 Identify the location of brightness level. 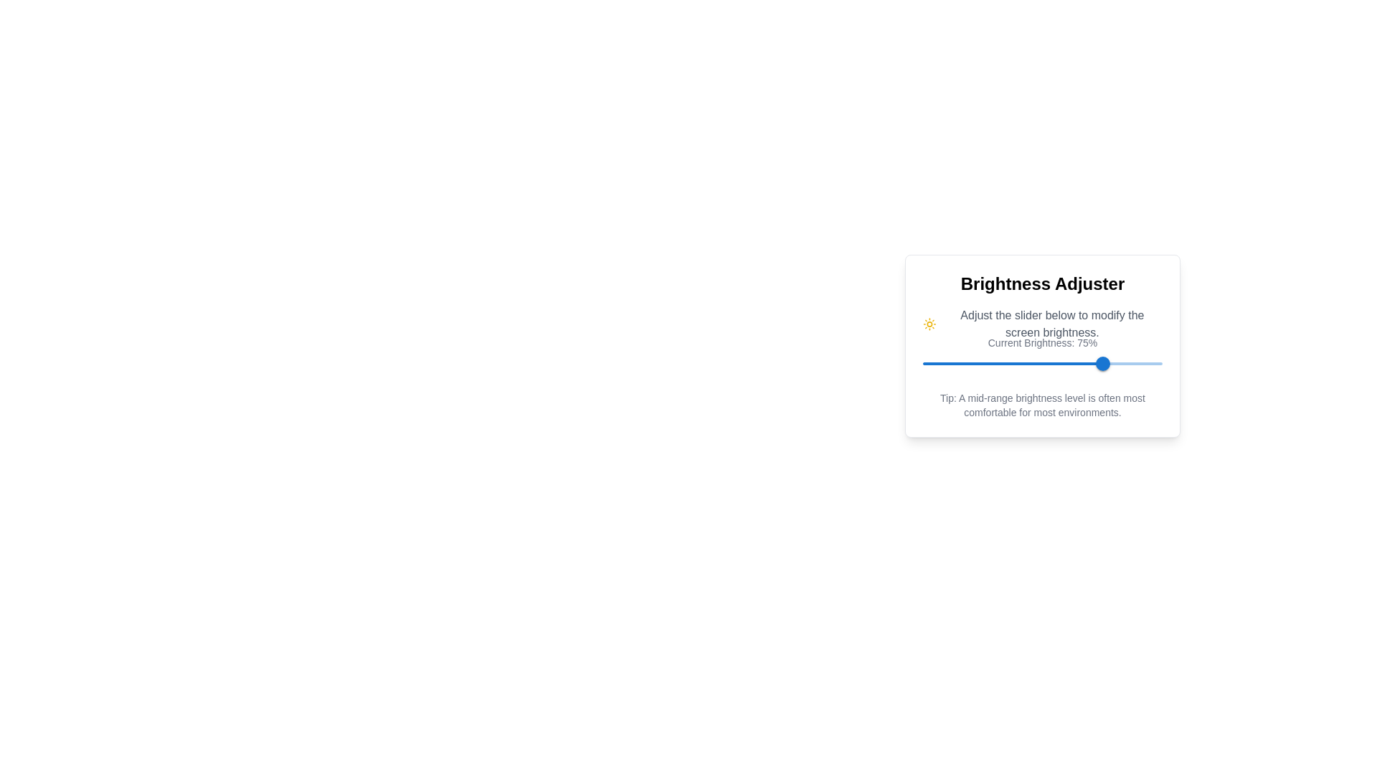
(966, 362).